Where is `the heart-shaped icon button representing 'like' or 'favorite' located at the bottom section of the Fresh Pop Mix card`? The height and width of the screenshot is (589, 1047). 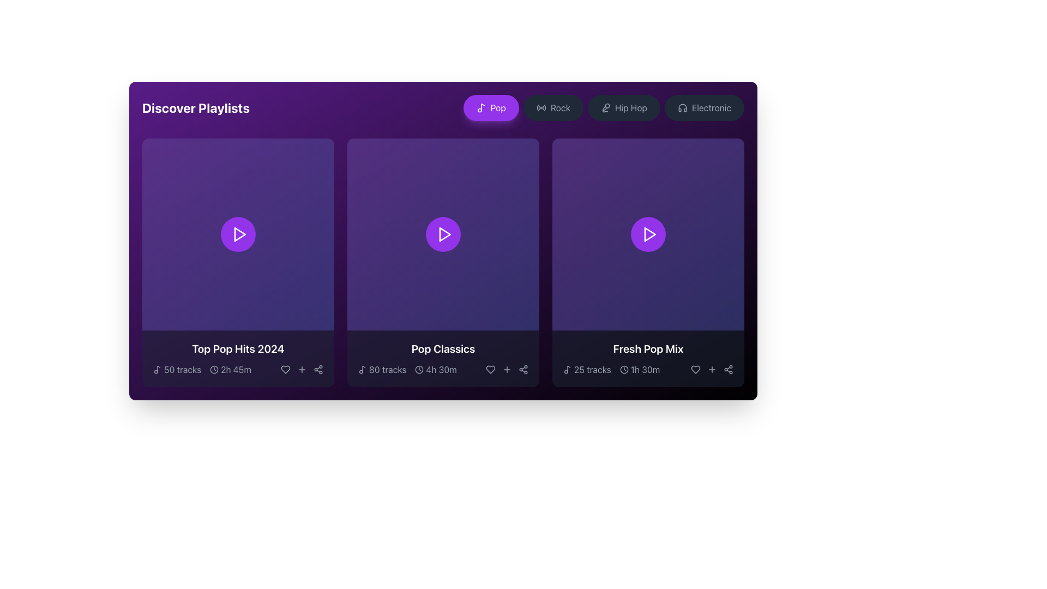 the heart-shaped icon button representing 'like' or 'favorite' located at the bottom section of the Fresh Pop Mix card is located at coordinates (695, 369).